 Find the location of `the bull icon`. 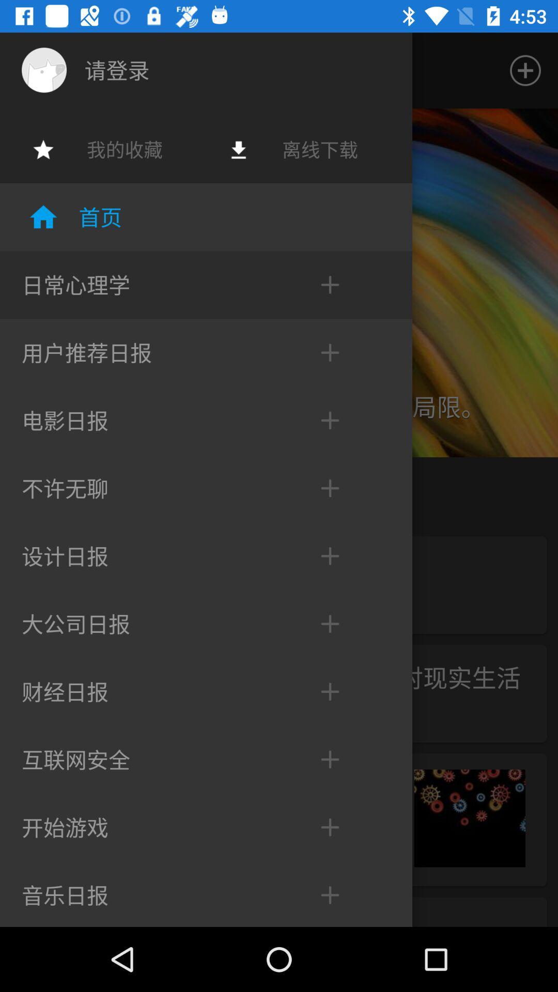

the bull icon is located at coordinates (43, 69).